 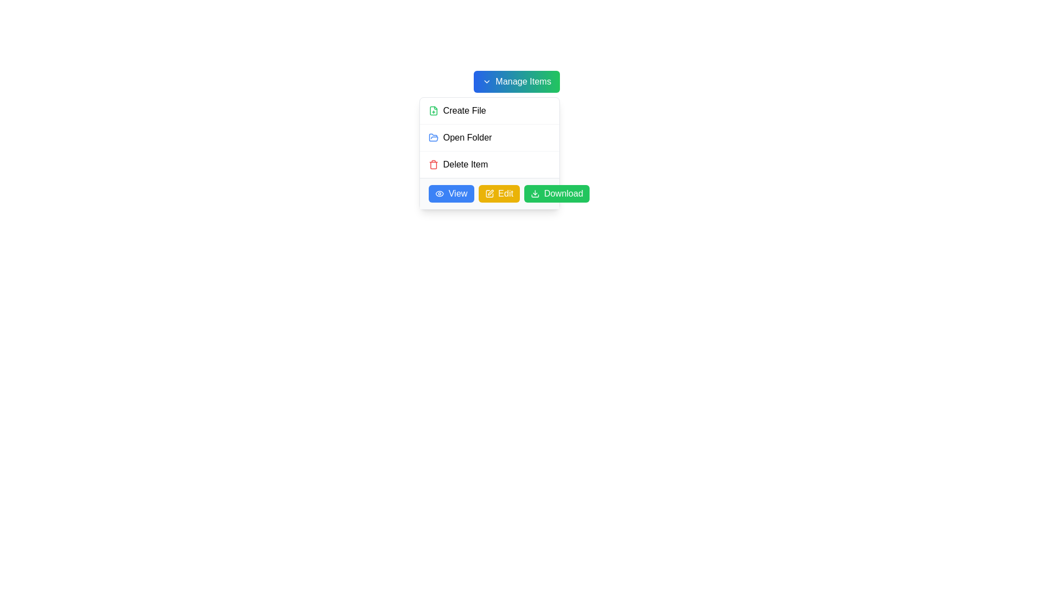 What do you see at coordinates (433, 137) in the screenshot?
I see `the blue-colored folder icon that is part of the 'Open Folder' menu item, located directly to the left of the 'Open Folder' text` at bounding box center [433, 137].